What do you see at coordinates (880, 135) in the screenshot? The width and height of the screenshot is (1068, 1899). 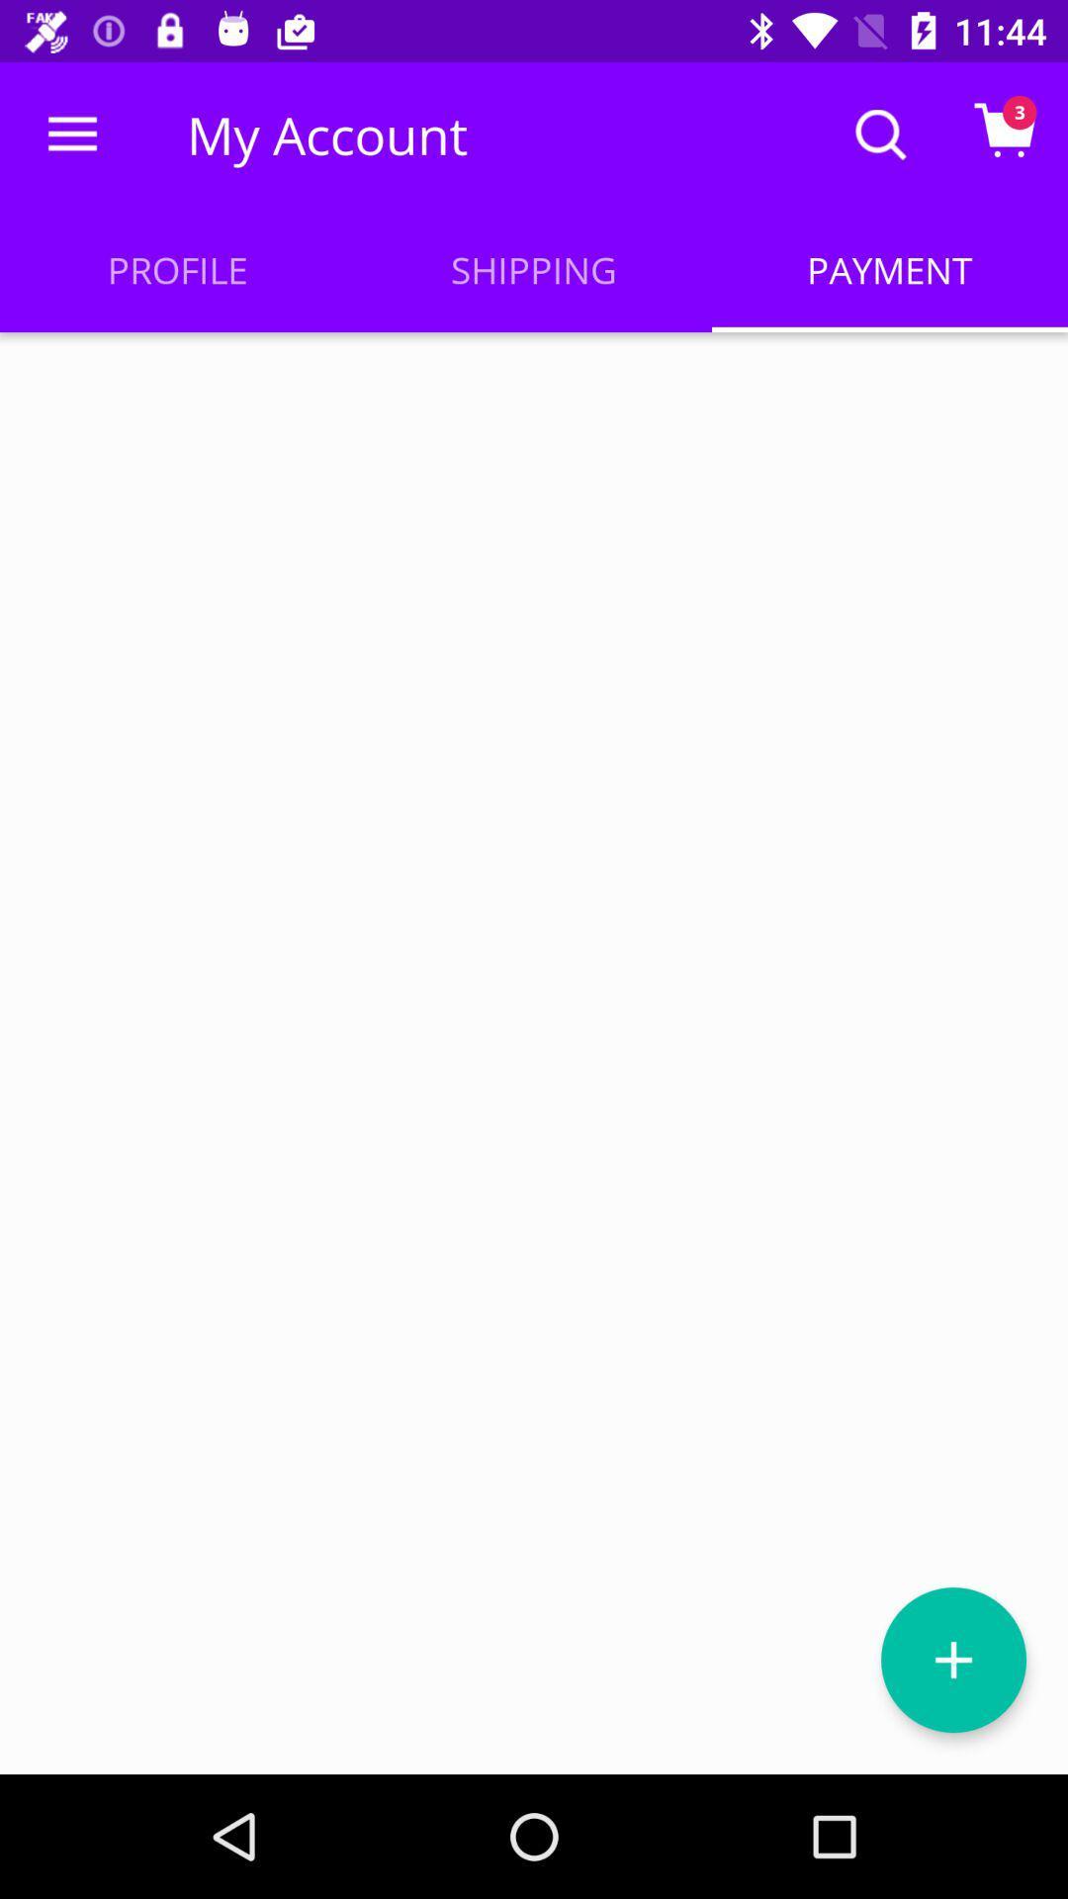 I see `the symbol left to cart` at bounding box center [880, 135].